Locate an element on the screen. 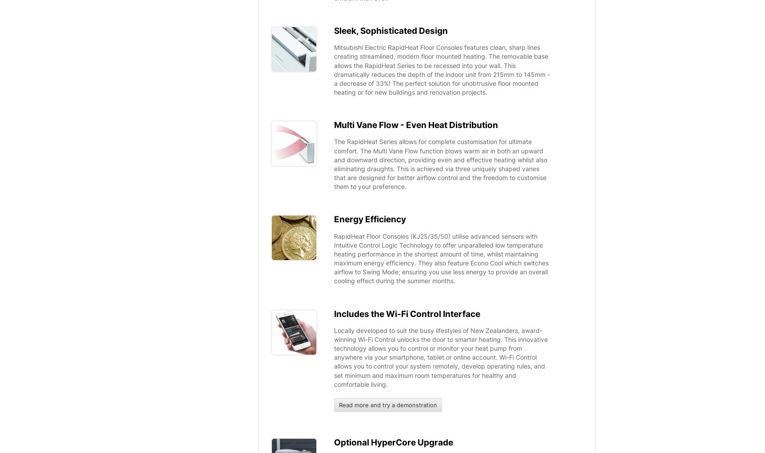 Image resolution: width=765 pixels, height=453 pixels. 'Optional HyperCore Upgrade' is located at coordinates (334, 442).